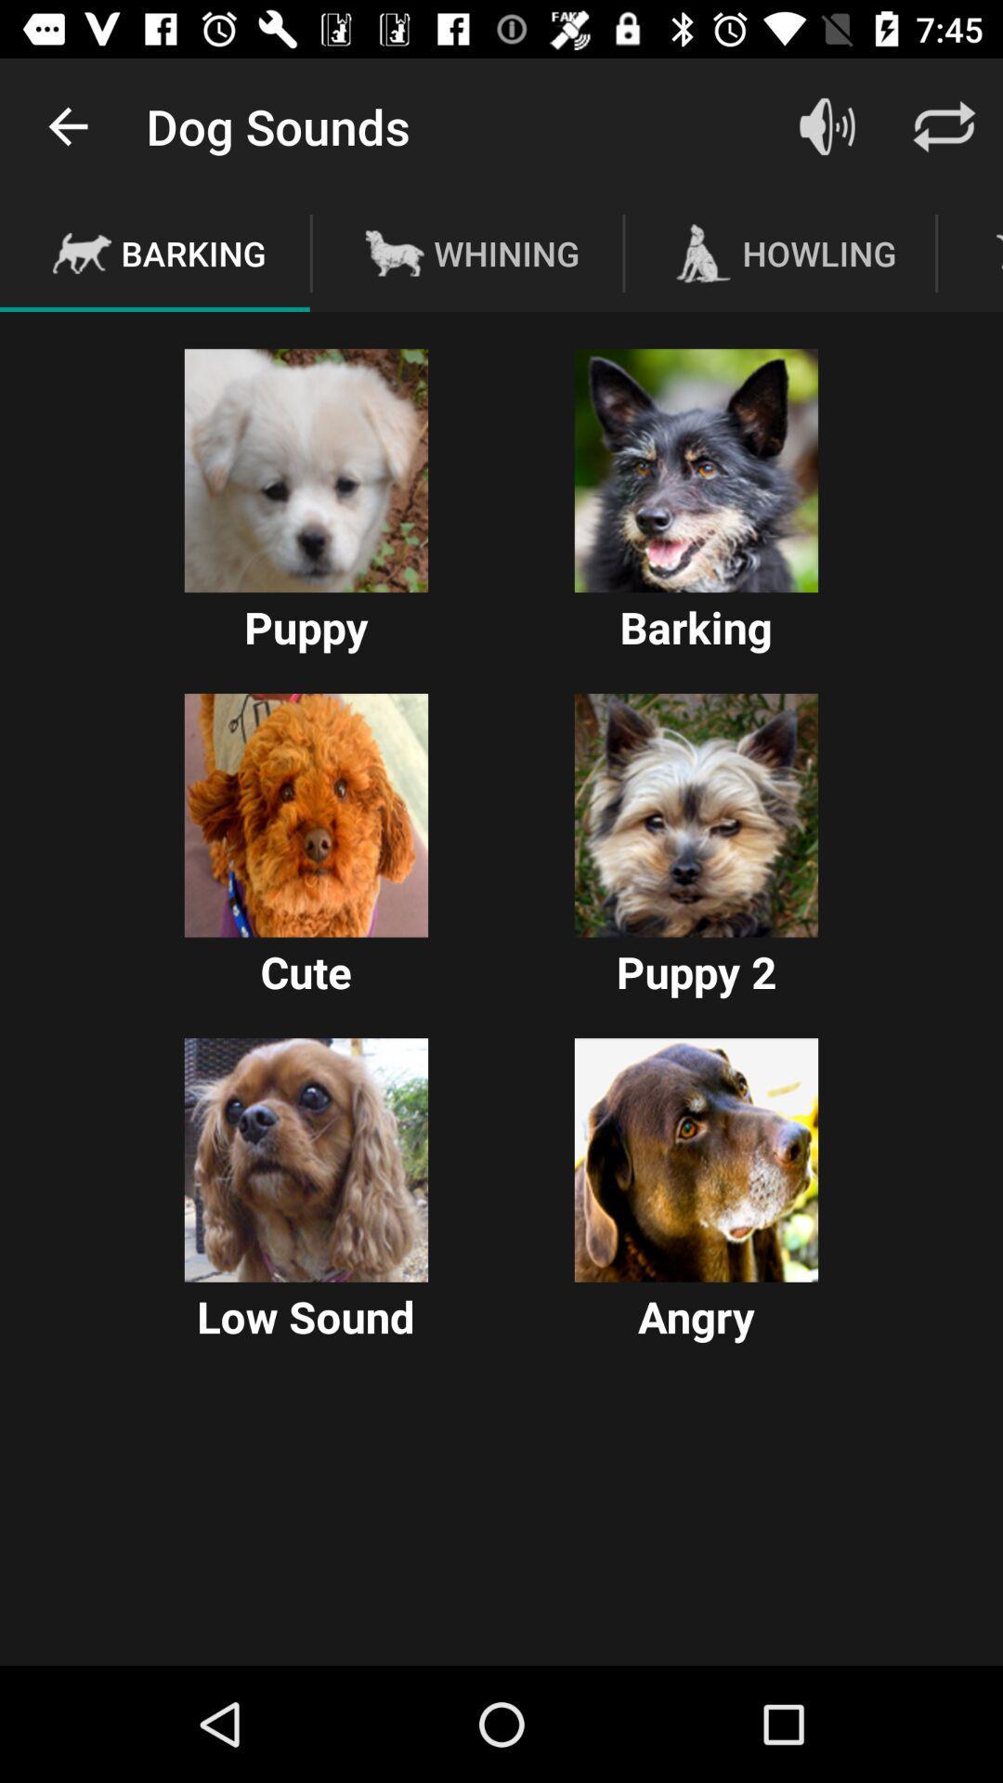 This screenshot has width=1003, height=1783. I want to click on switch autoplay, so click(306, 1159).